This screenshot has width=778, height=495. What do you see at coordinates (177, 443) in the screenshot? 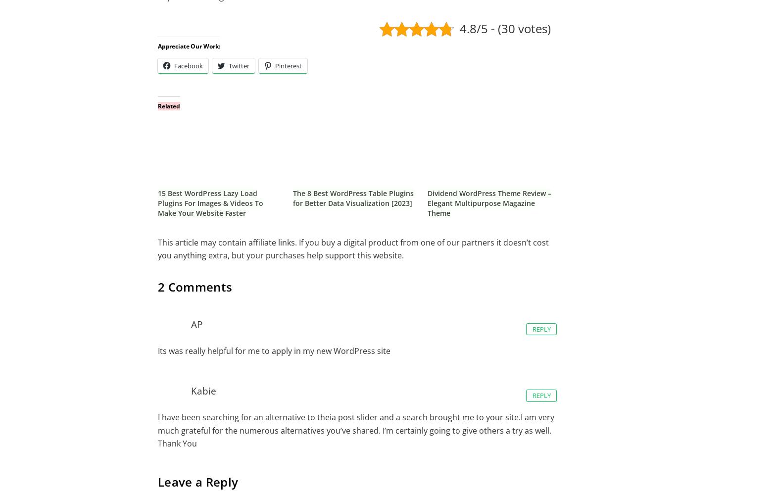
I see `'Thank You'` at bounding box center [177, 443].